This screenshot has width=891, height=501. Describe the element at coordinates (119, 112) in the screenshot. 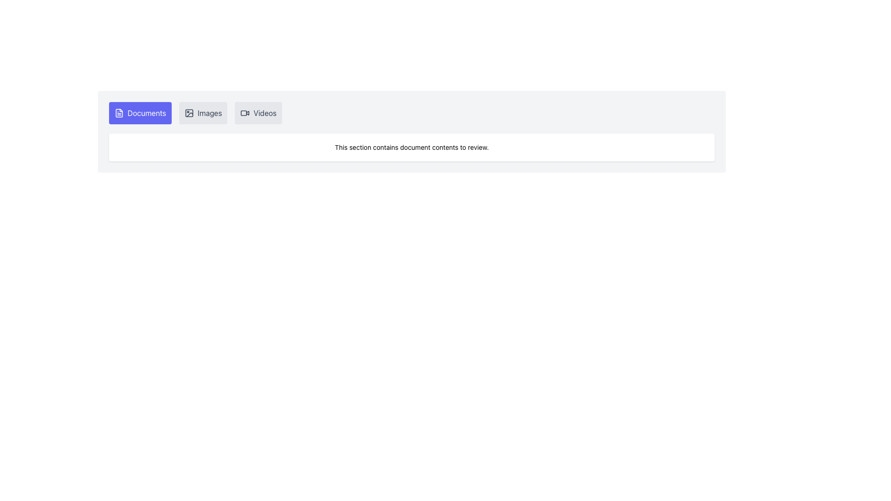

I see `the document icon located in the upper-left corner of the interface, which is the first icon in the 'Documents' tab group` at that location.